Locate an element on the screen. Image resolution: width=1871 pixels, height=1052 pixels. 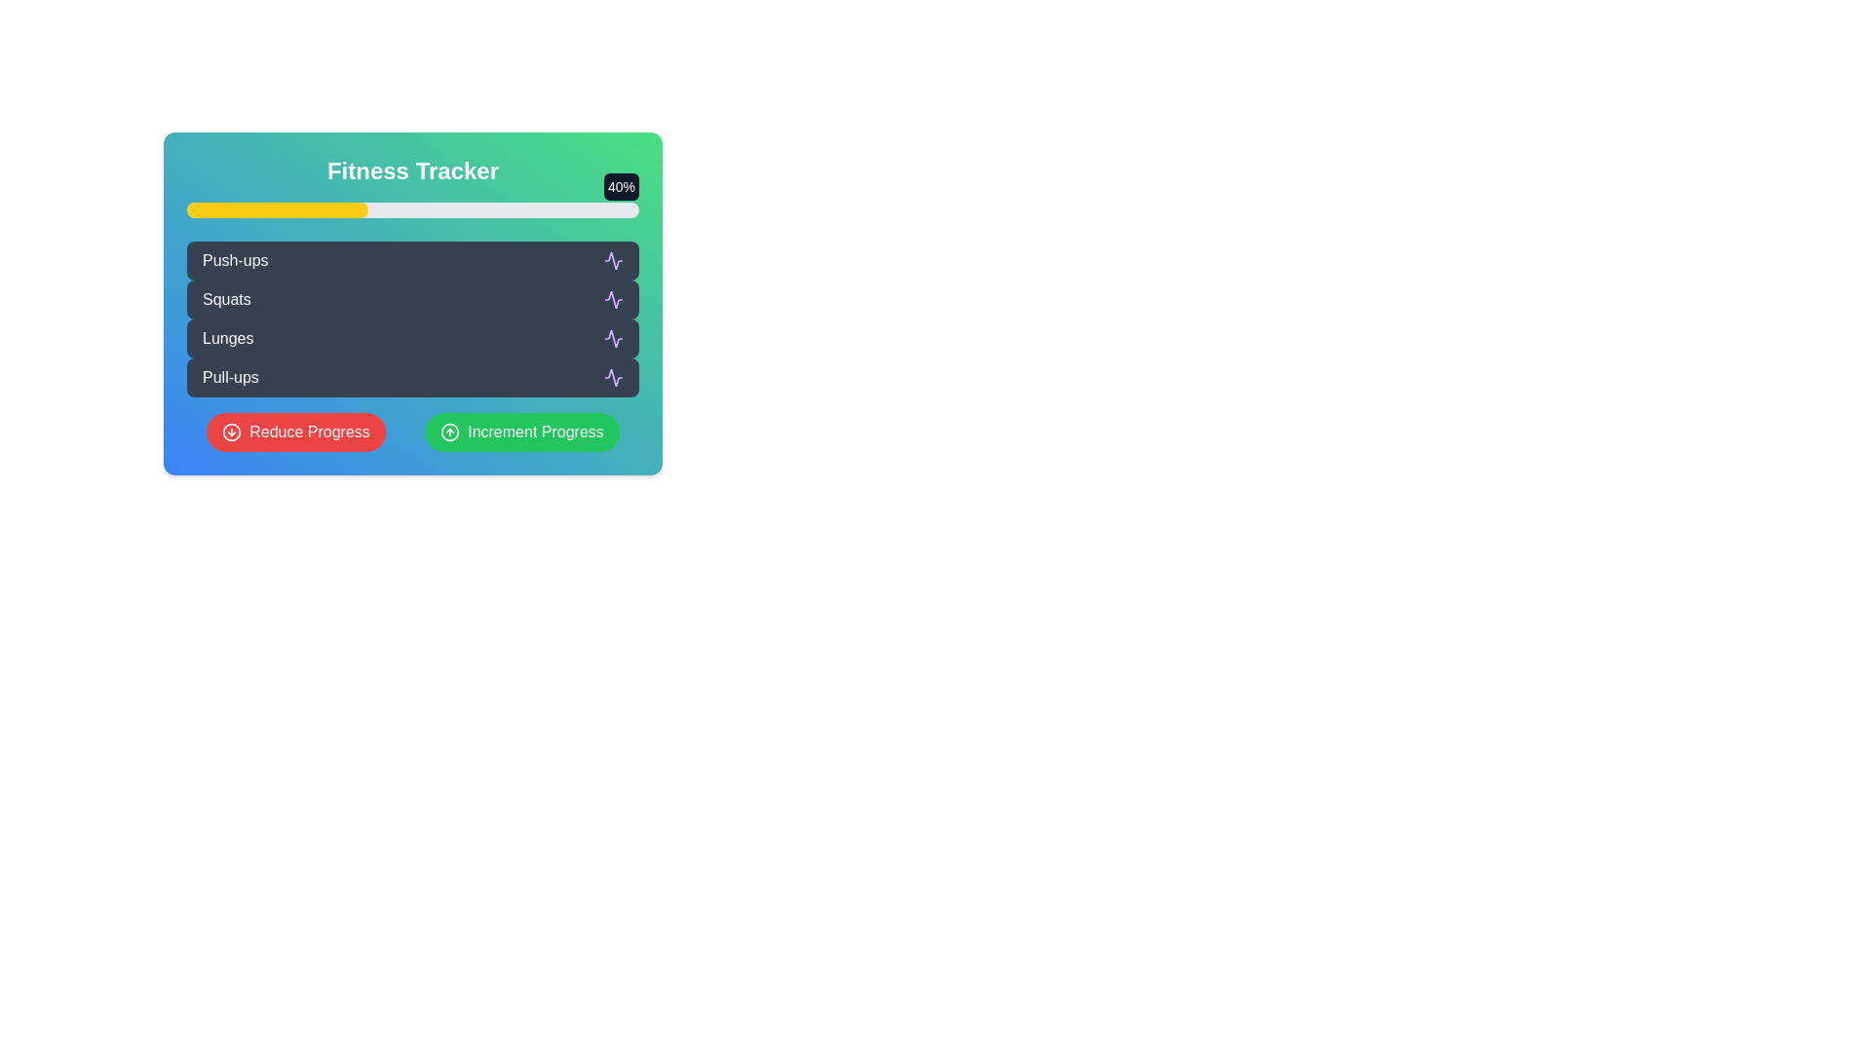
the 'Increment Progress' button, which has a green background and white text with an upward-pointing arrow icon is located at coordinates (522, 431).